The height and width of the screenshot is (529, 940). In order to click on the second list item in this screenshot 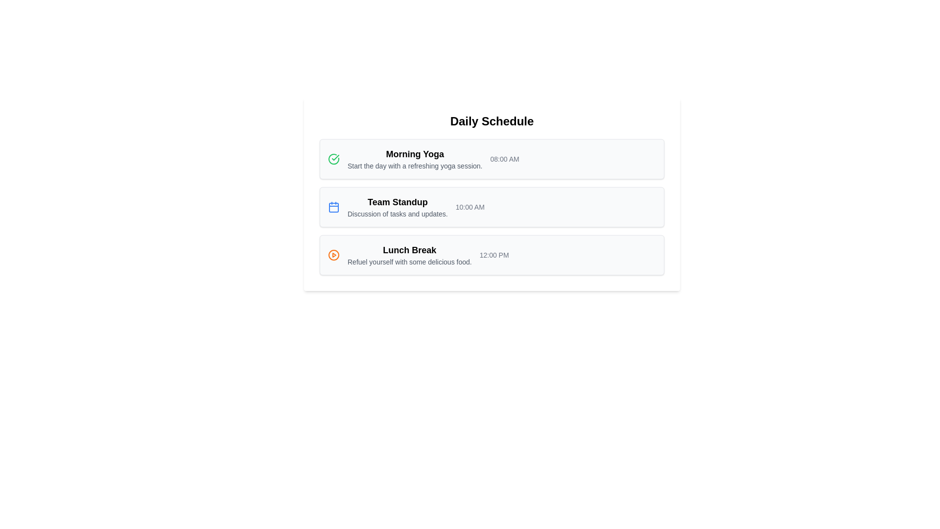, I will do `click(492, 207)`.